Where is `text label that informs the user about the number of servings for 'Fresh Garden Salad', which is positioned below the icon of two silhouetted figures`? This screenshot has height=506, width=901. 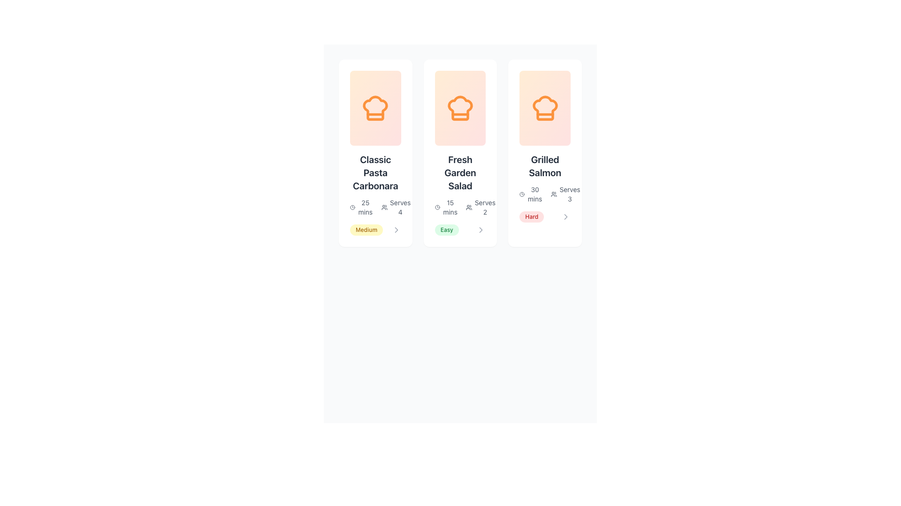 text label that informs the user about the number of servings for 'Fresh Garden Salad', which is positioned below the icon of two silhouetted figures is located at coordinates (485, 207).